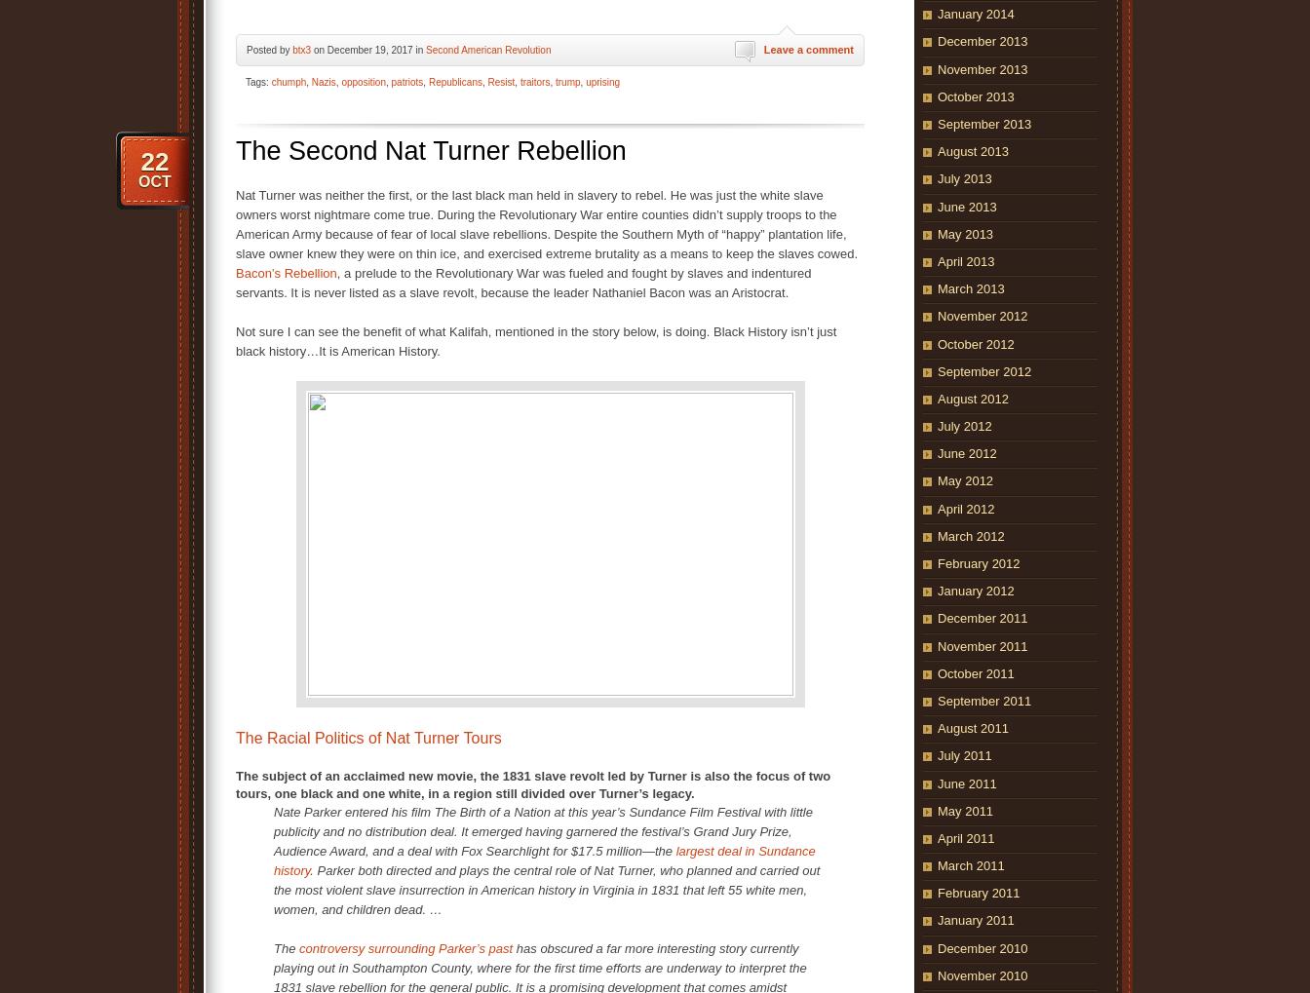 The height and width of the screenshot is (993, 1310). What do you see at coordinates (301, 49) in the screenshot?
I see `'btx3'` at bounding box center [301, 49].